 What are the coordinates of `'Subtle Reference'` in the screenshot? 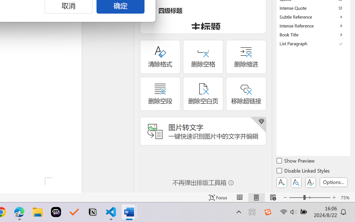 It's located at (313, 16).